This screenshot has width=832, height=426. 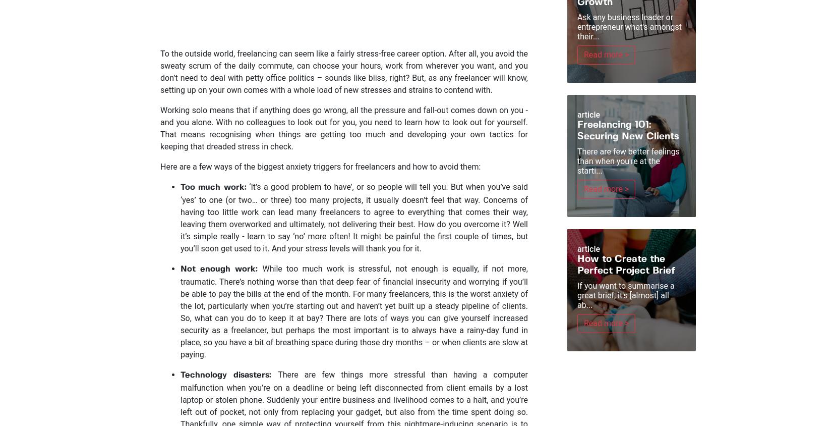 I want to click on 'Working solo means that if anything does go wrong, all the pressure and fall-out comes down on you - and you alone. With no colleagues to look out for you, you need to learn how to look out for yourself. That means recognising when things are getting too much and developing your own tactics for keeping that dreaded stress in check.', so click(x=160, y=128).